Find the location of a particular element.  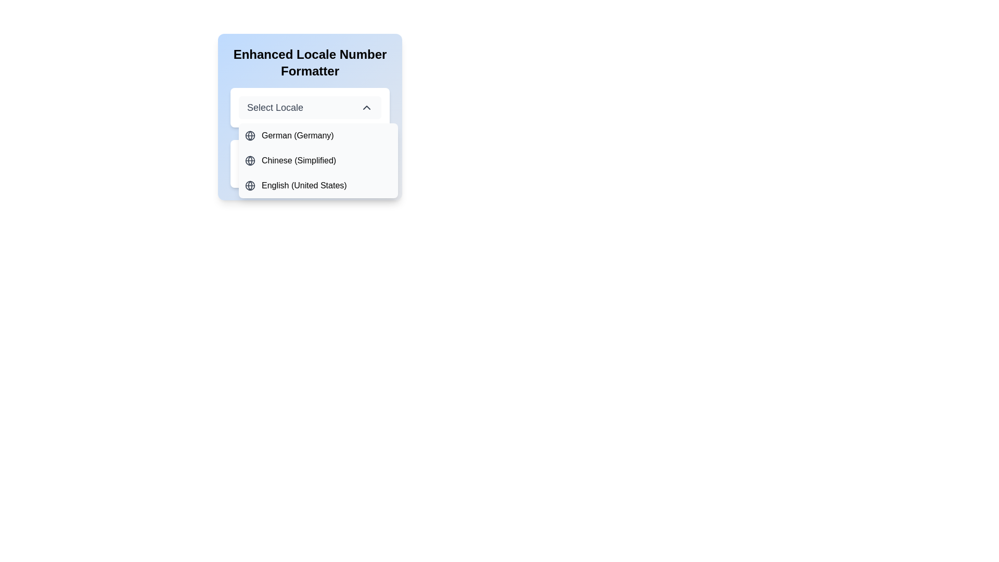

the static text label that displays 'Value in the Selected Locale:' which is styled with a medium font weight and is positioned above a numeric value within a white box is located at coordinates (309, 155).